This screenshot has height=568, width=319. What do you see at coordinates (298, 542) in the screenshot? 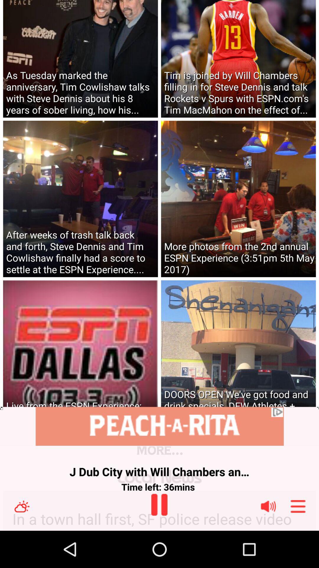
I see `the menu icon` at bounding box center [298, 542].